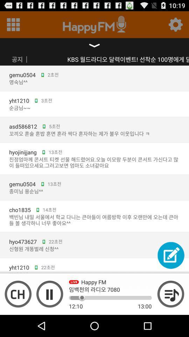  I want to click on the playlist icon, so click(170, 314).